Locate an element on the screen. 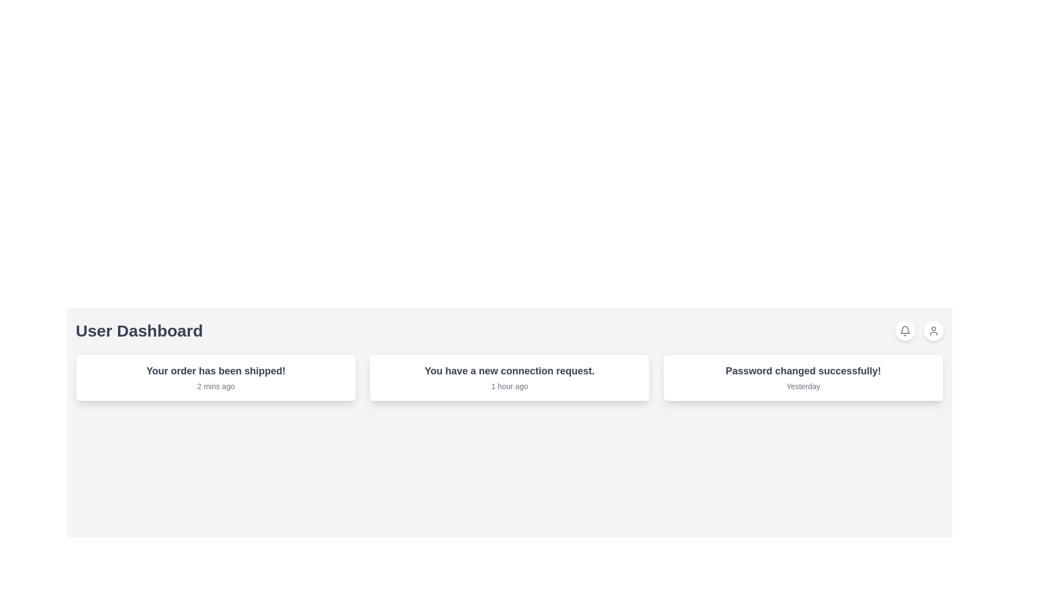 This screenshot has height=592, width=1054. the notification text label that informs the user about a new connection request, located in the upper-middle section of the middle card on the dashboard is located at coordinates (509, 371).